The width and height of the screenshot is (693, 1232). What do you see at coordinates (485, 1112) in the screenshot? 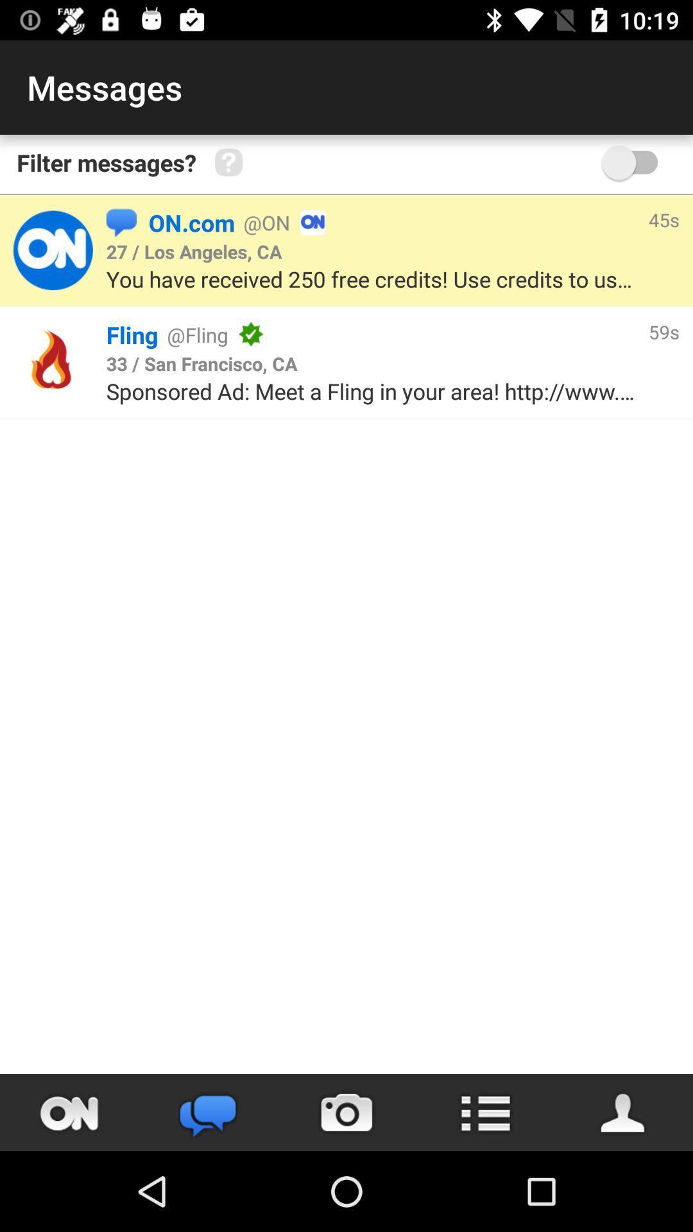
I see `the list icon` at bounding box center [485, 1112].